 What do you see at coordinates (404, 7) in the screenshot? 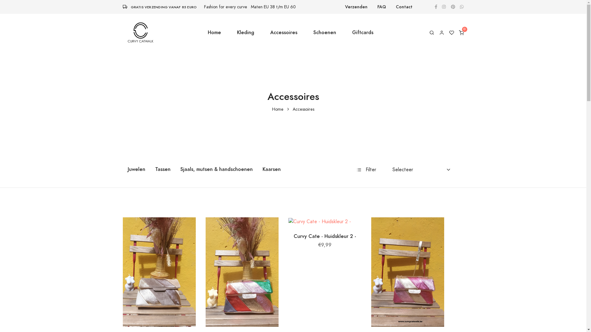
I see `'Contact'` at bounding box center [404, 7].